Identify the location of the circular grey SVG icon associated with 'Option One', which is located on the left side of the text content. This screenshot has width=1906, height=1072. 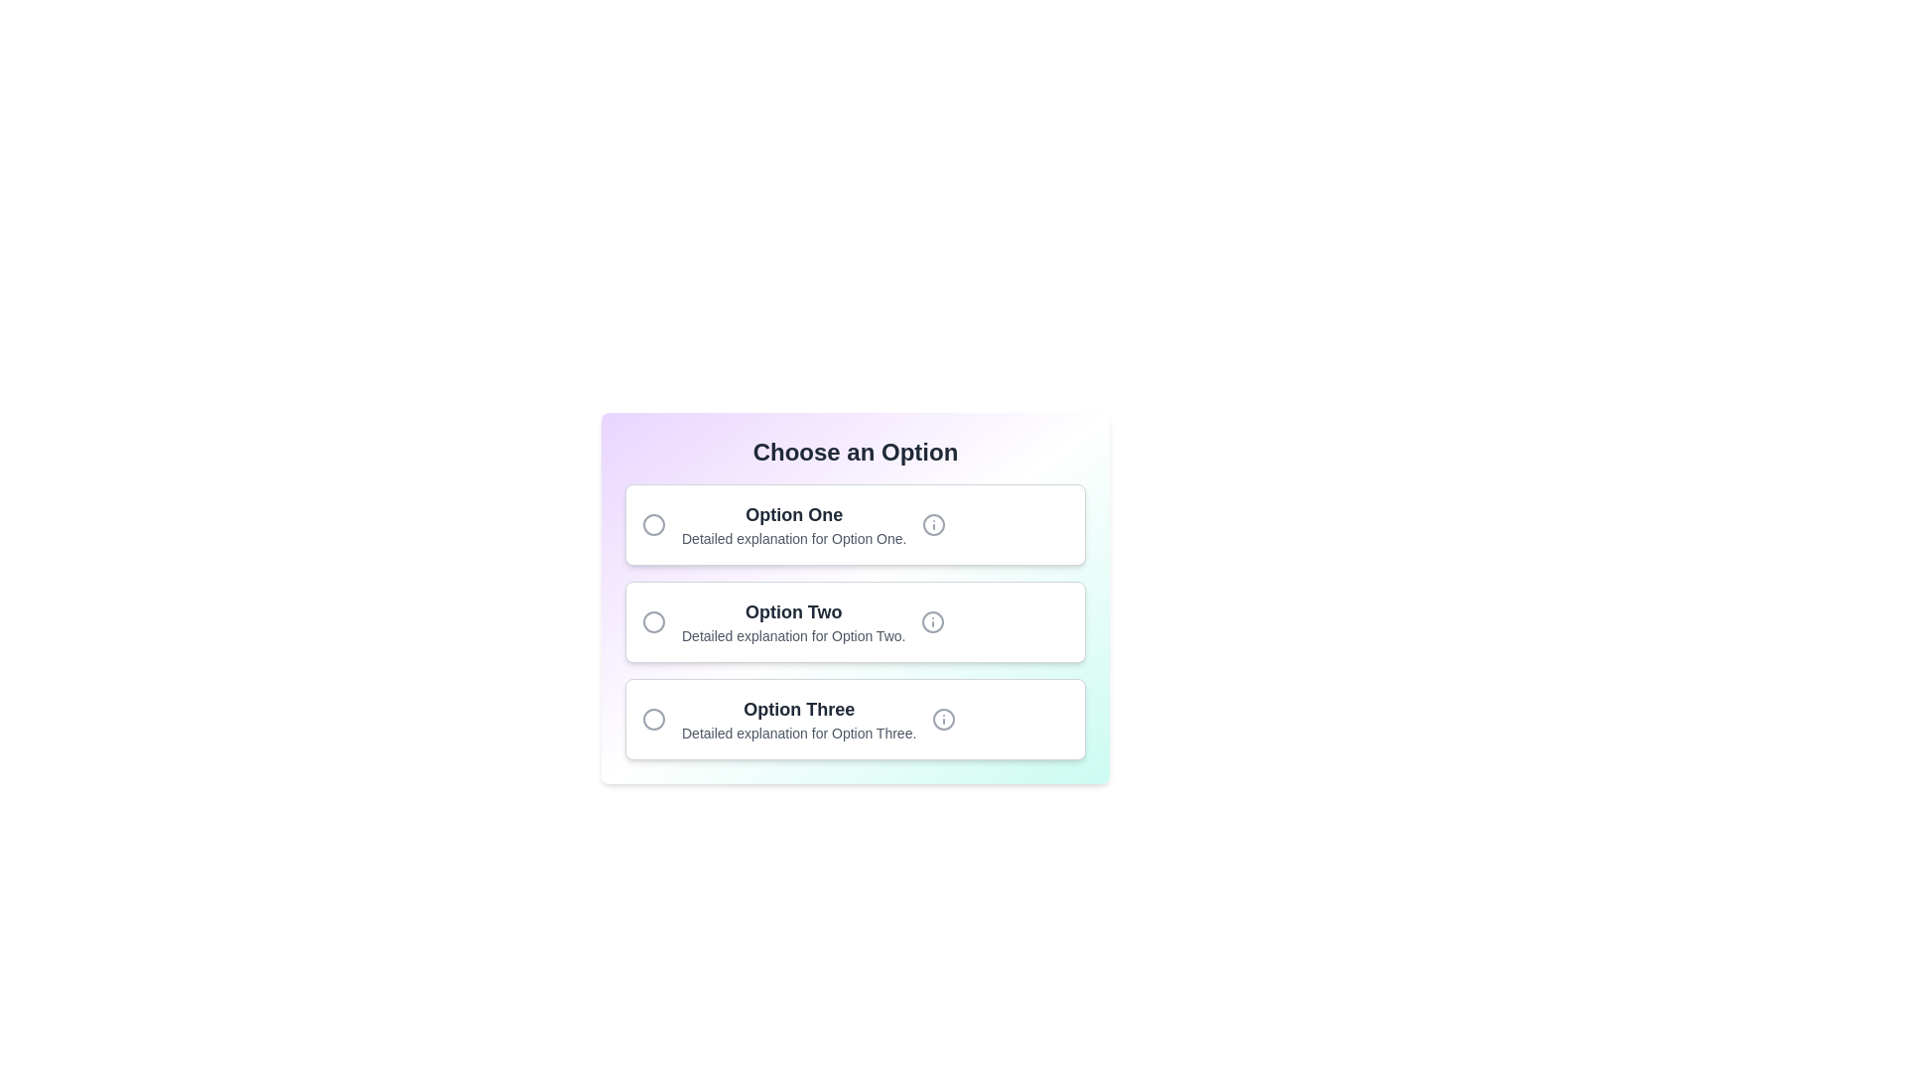
(653, 523).